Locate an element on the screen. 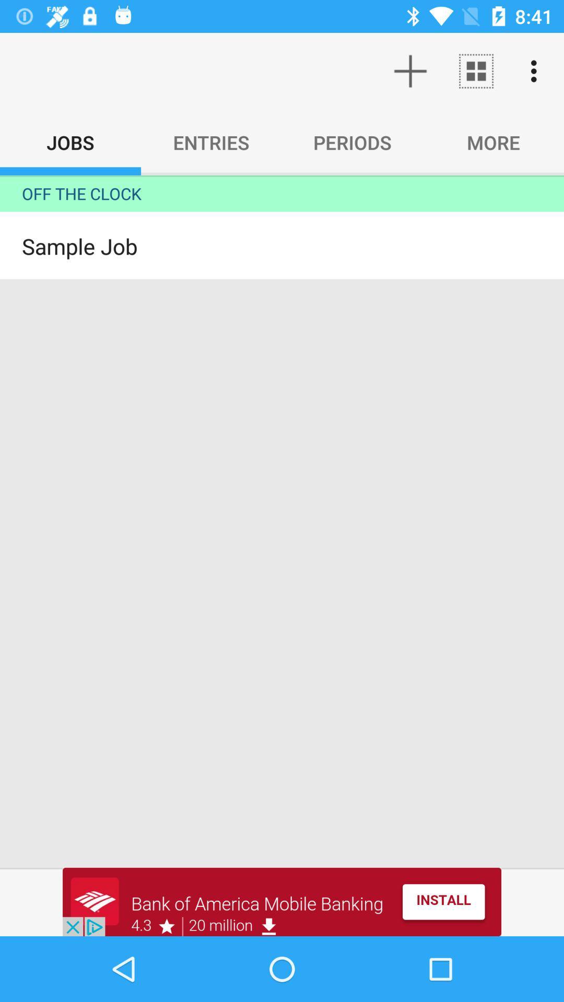 The width and height of the screenshot is (564, 1002). install this app is located at coordinates (282, 901).